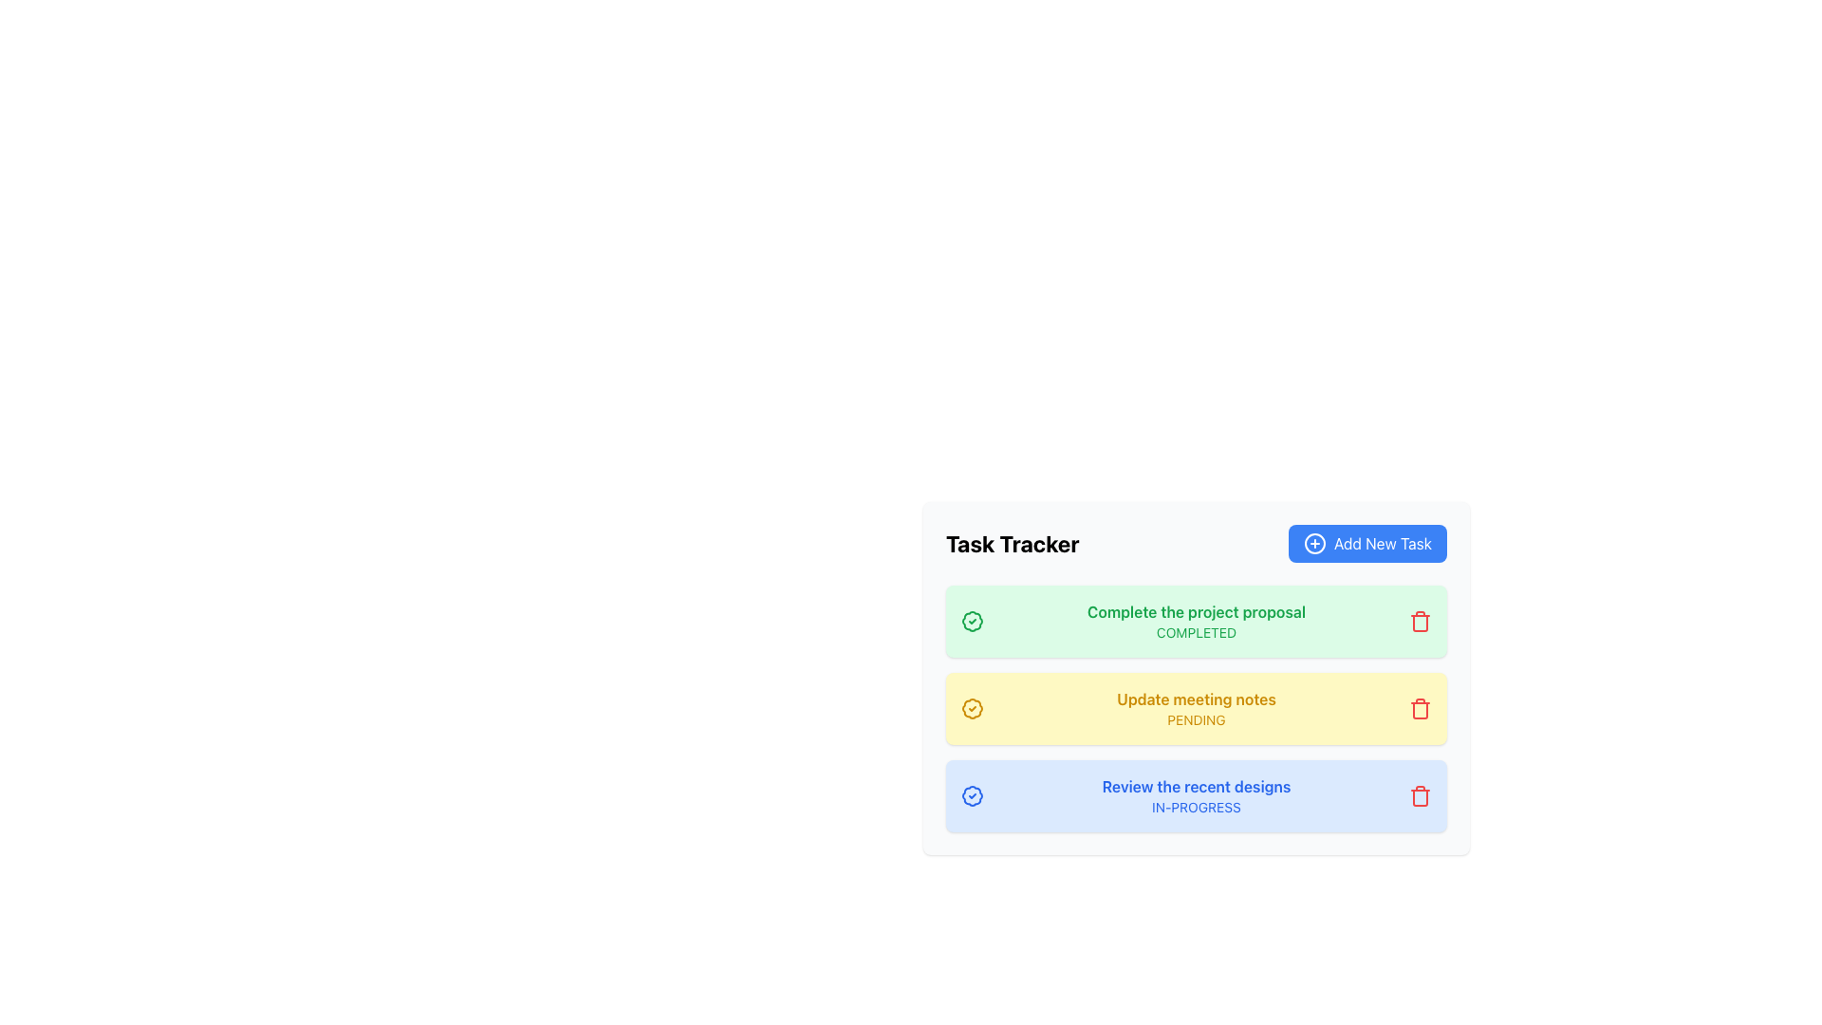 The width and height of the screenshot is (1822, 1025). I want to click on the task title 'Update meeting notes' displayed in bold orange letters within the task entry in the 'Task Tracker' list, so click(1196, 709).